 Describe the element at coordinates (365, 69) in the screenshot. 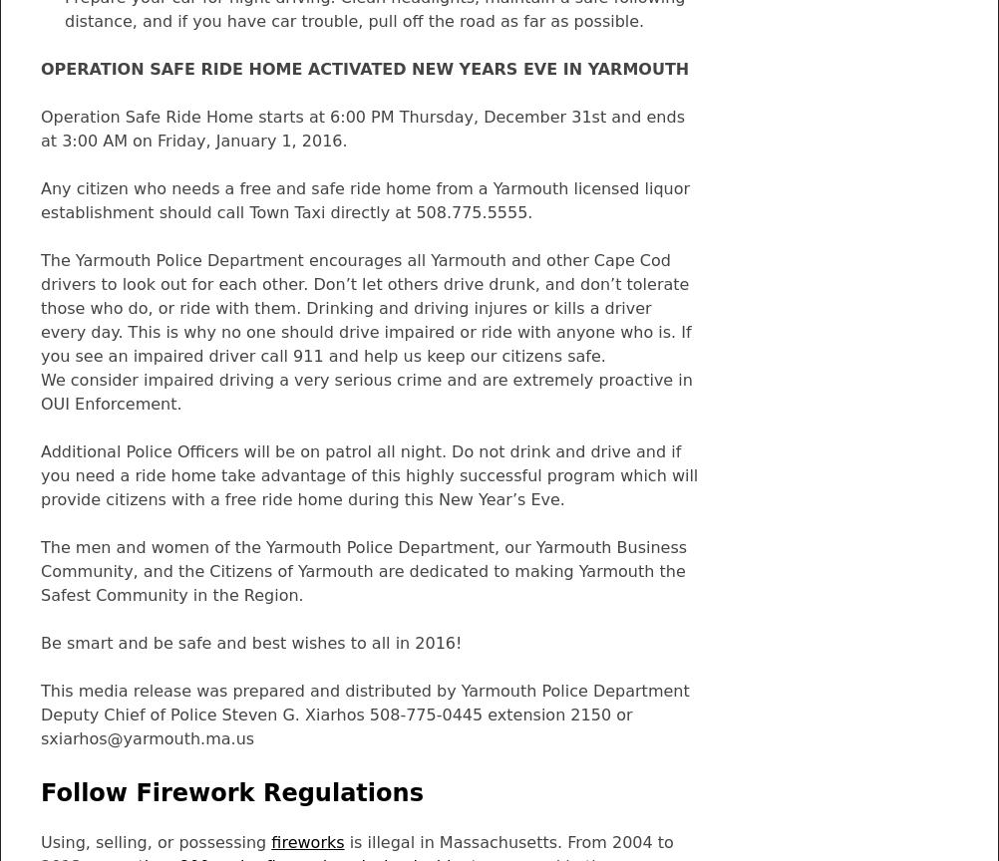

I see `'OPERATION SAFE RIDE HOME ACTIVATED NEW YEARS EVE IN YARMOUTH'` at that location.